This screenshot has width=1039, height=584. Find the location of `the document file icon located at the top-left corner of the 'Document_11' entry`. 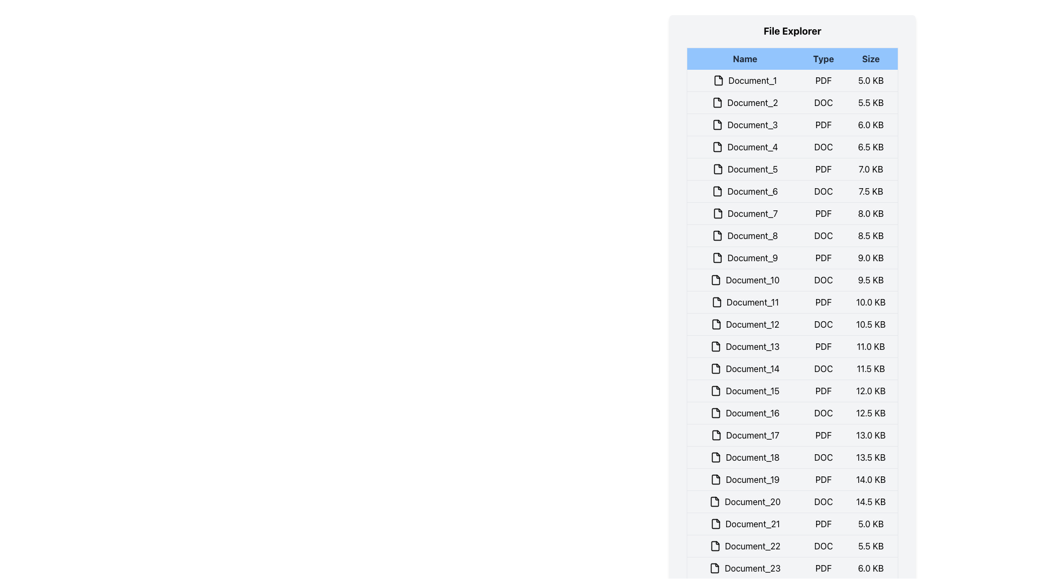

the document file icon located at the top-left corner of the 'Document_11' entry is located at coordinates (716, 302).